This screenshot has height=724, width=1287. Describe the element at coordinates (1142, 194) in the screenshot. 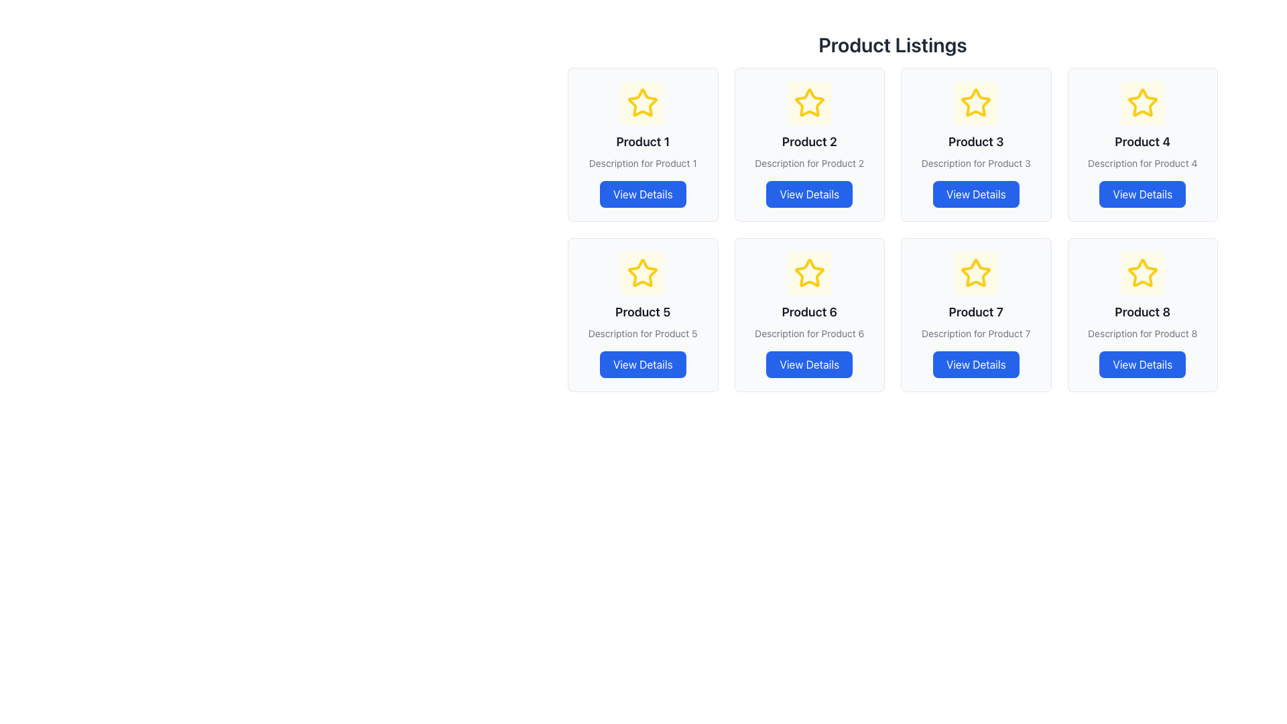

I see `the interactive button located below 'Description for Product 4'` at that location.